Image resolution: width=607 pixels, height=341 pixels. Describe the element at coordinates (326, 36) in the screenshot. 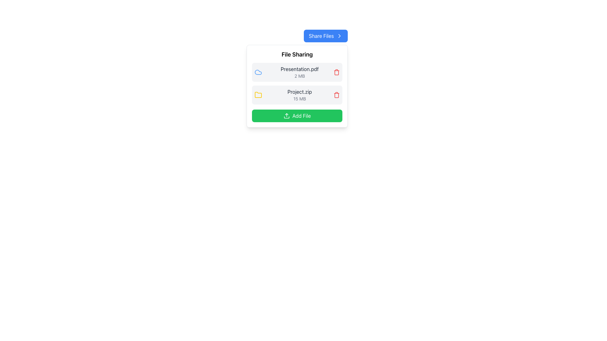

I see `the file sharing button located at the top center of the File Sharing panel` at that location.